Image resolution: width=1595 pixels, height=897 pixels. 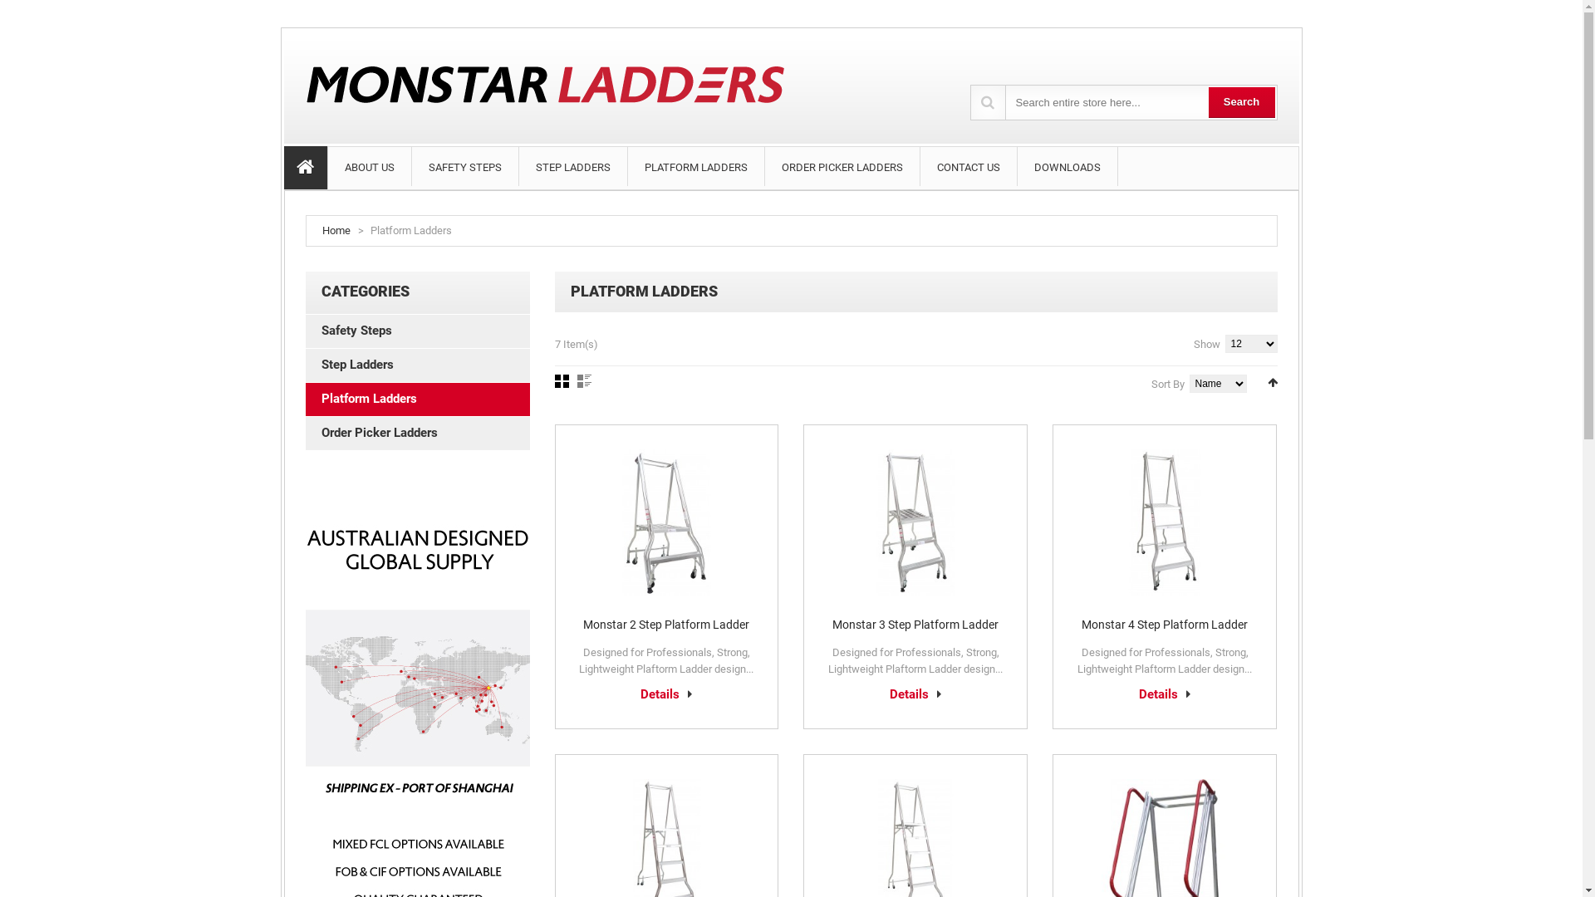 I want to click on 'SAFETY STEPS', so click(x=411, y=166).